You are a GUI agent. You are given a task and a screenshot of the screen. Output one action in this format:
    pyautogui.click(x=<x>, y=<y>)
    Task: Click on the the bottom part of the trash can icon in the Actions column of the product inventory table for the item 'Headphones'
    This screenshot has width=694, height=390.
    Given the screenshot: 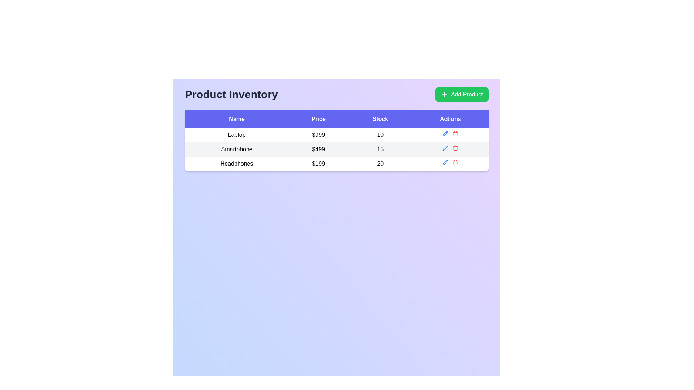 What is the action you would take?
    pyautogui.click(x=455, y=163)
    